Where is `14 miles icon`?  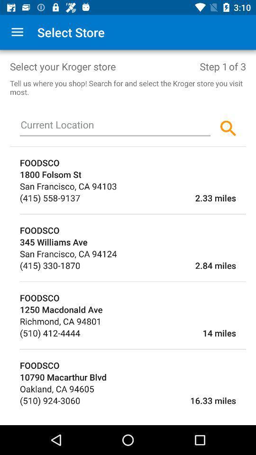
14 miles icon is located at coordinates (158, 333).